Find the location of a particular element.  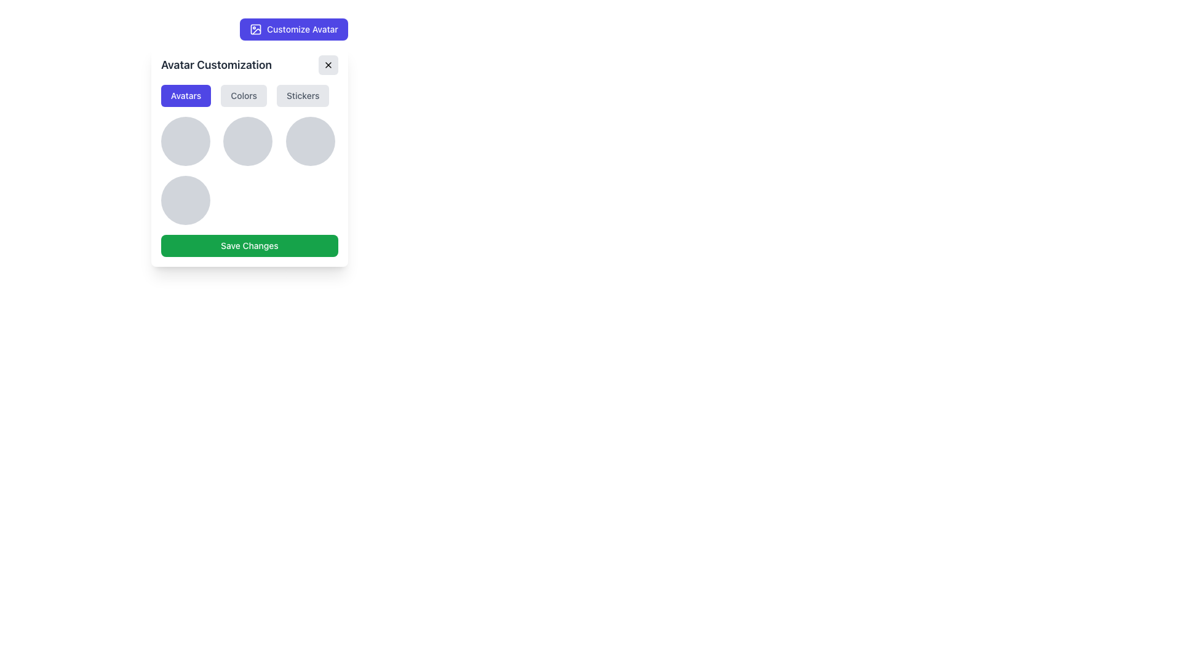

the Text label or heading that serves as the title for the customization interface, located in the top-left area above the tabs labeled 'Avatars', 'Colors', and 'Stickers' is located at coordinates (249, 65).